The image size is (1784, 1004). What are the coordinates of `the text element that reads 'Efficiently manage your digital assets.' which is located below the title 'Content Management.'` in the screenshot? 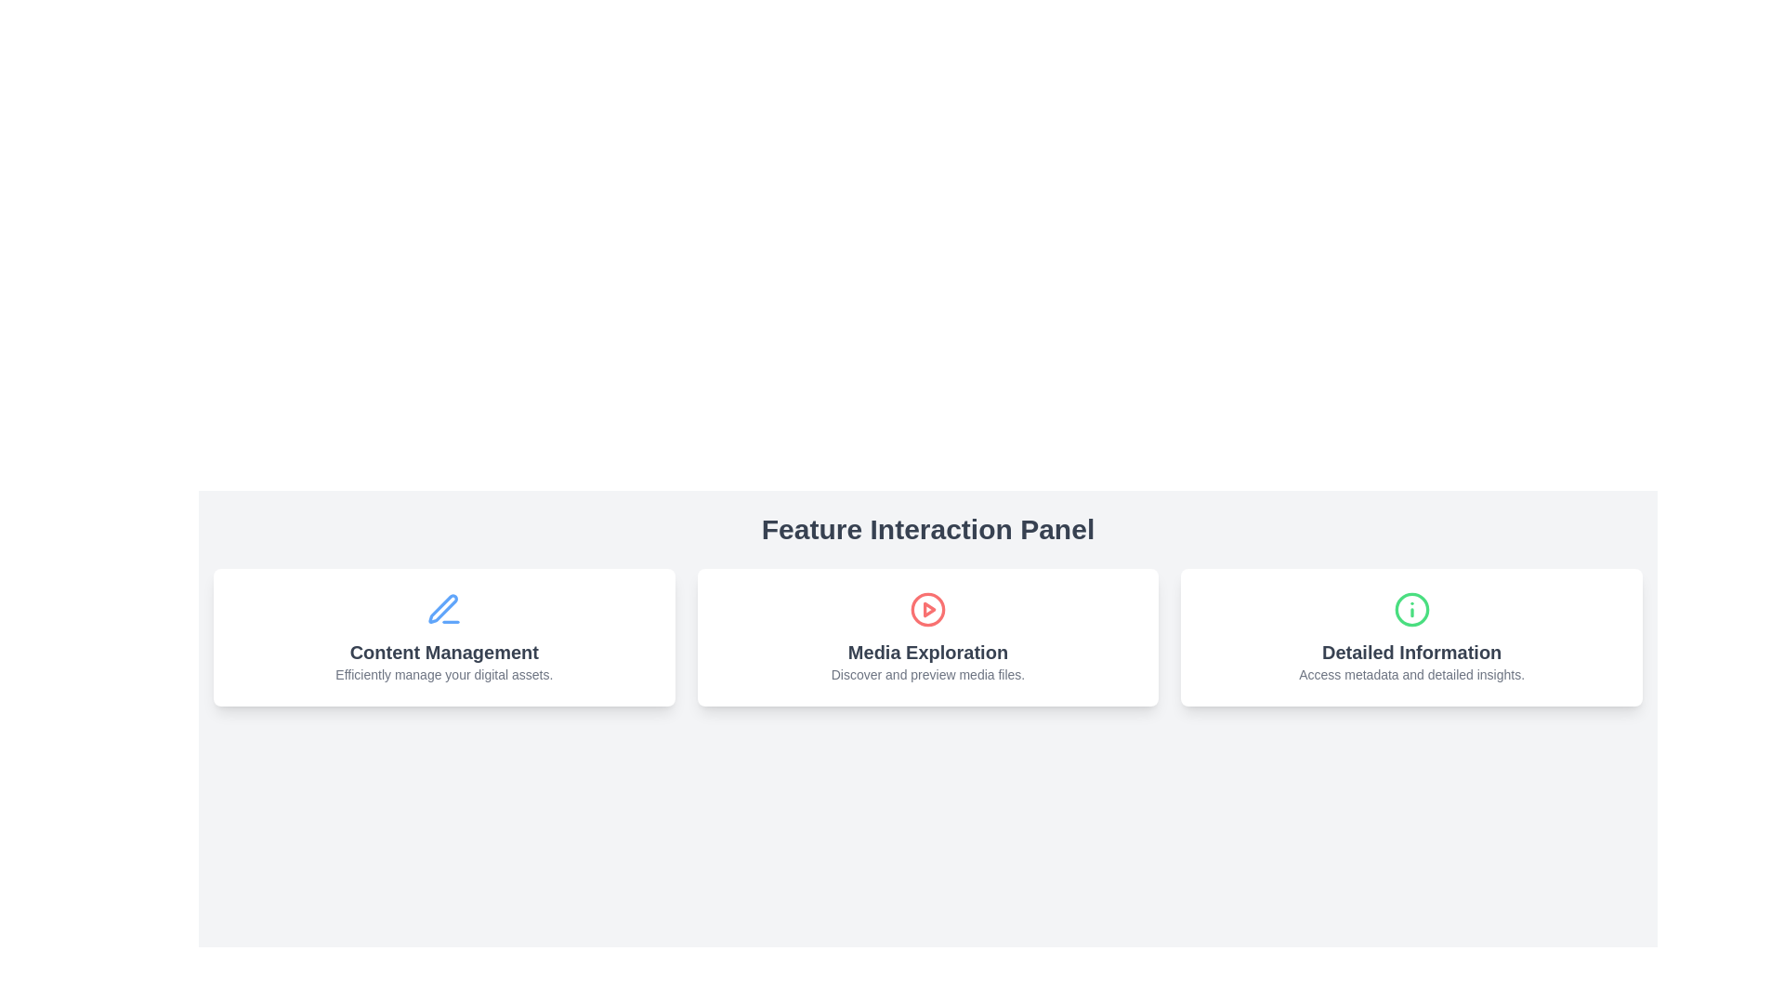 It's located at (443, 674).